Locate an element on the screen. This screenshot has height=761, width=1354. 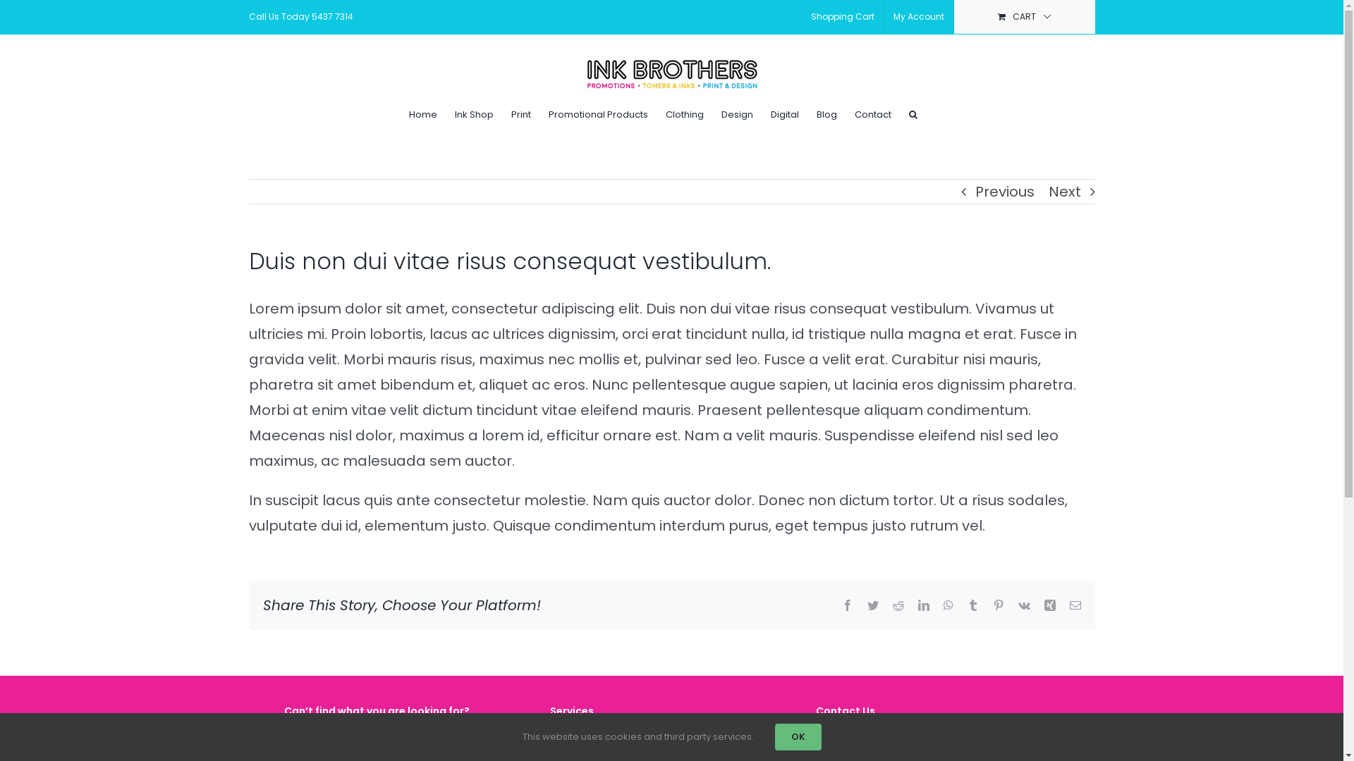
'Shopping Cart' is located at coordinates (842, 16).